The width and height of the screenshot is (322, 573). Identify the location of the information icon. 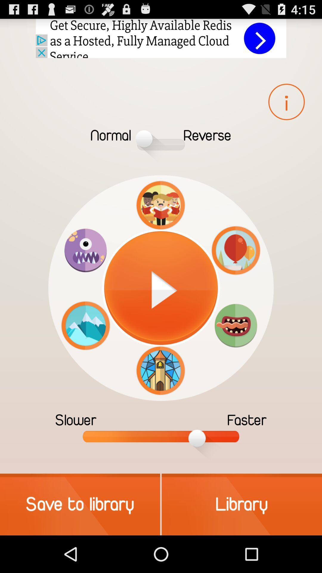
(286, 102).